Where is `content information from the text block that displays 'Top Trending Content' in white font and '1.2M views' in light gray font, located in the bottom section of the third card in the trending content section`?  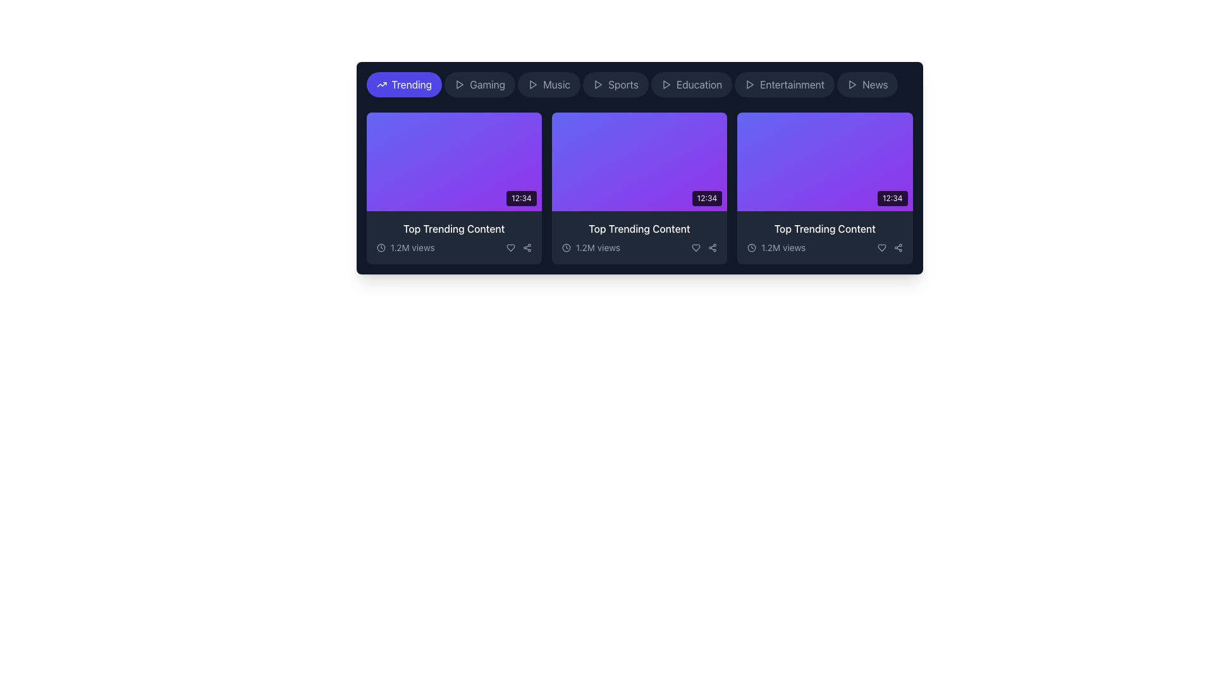 content information from the text block that displays 'Top Trending Content' in white font and '1.2M views' in light gray font, located in the bottom section of the third card in the trending content section is located at coordinates (825, 237).